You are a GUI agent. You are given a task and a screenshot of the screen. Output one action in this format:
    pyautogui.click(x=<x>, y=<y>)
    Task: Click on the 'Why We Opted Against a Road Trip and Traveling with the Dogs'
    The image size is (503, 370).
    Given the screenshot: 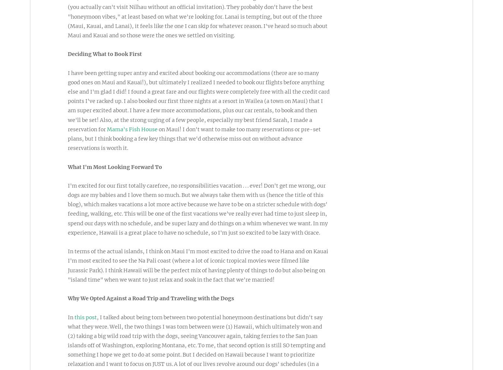 What is the action you would take?
    pyautogui.click(x=151, y=298)
    